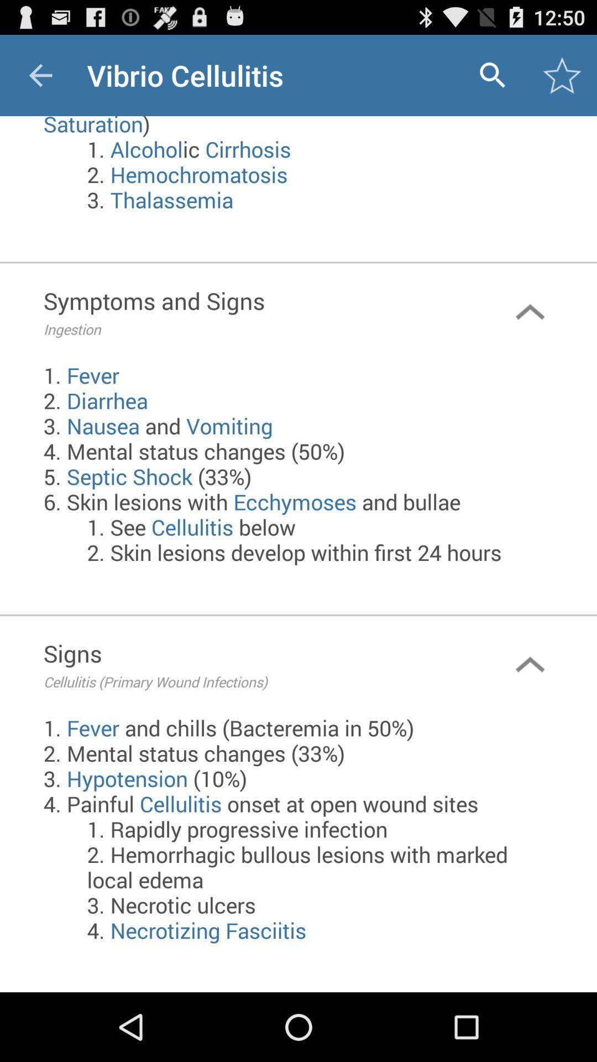 The image size is (597, 1062). Describe the element at coordinates (40, 75) in the screenshot. I see `the icon next to vibrio cellulitis icon` at that location.